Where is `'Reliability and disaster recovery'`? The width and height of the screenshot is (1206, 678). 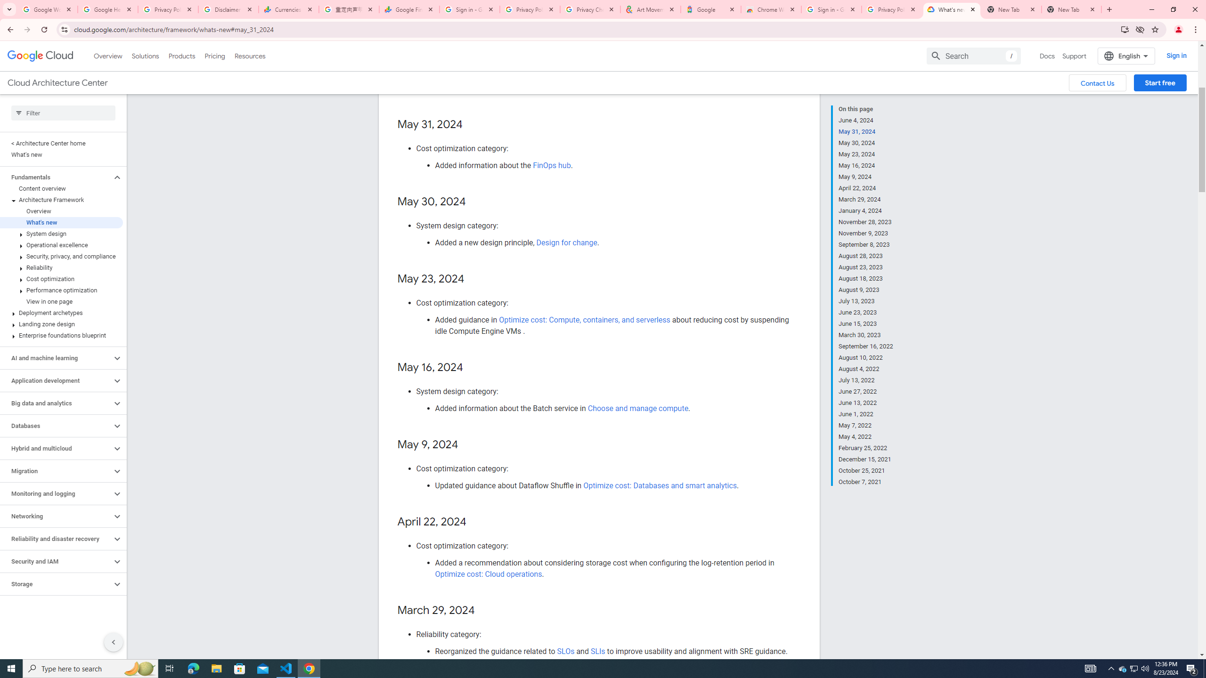 'Reliability and disaster recovery' is located at coordinates (56, 539).